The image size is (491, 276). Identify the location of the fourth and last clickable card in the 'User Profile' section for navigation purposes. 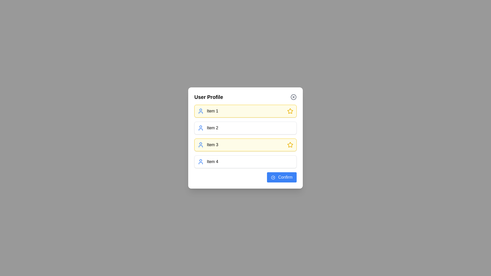
(245, 162).